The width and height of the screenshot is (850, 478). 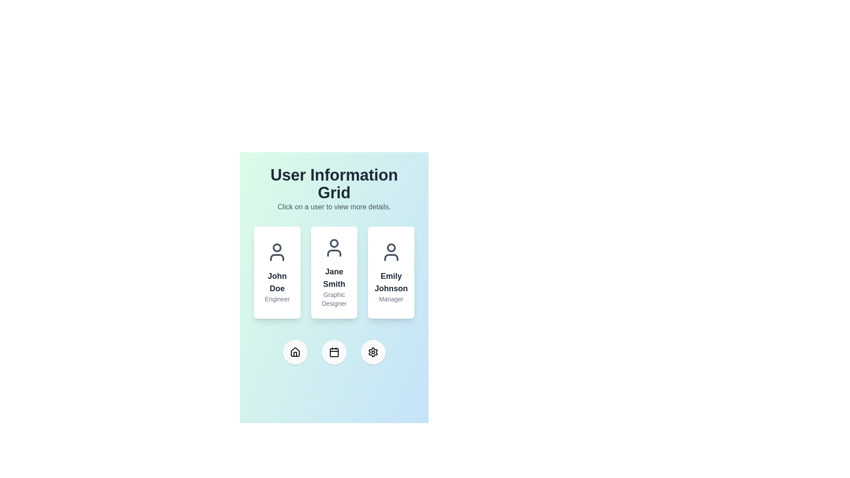 I want to click on text label for user identification located in the first user profile card, which is positioned above the 'Engineer' text element, so click(x=277, y=282).